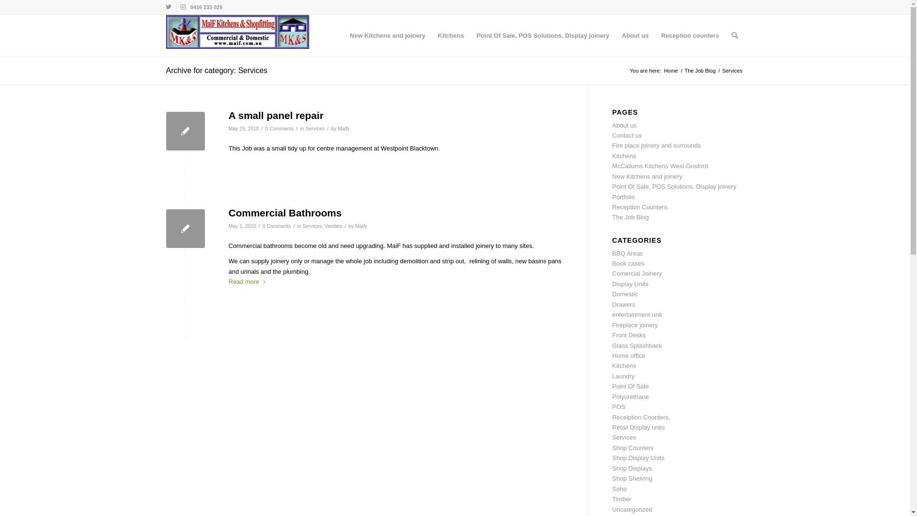  I want to click on 'Front Desks', so click(612, 334).